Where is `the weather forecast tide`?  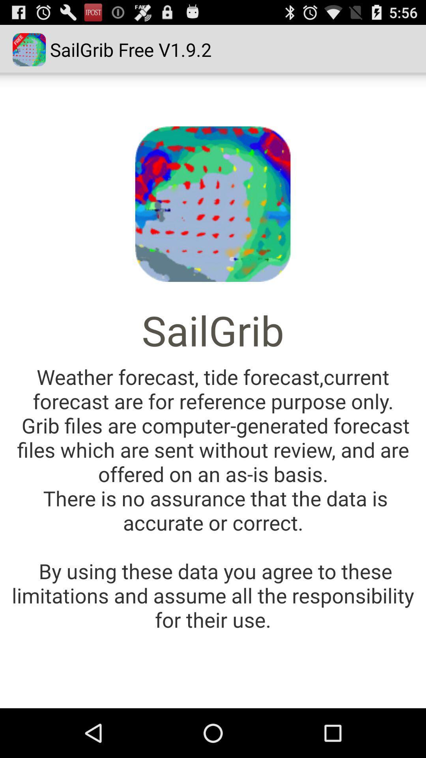
the weather forecast tide is located at coordinates (213, 497).